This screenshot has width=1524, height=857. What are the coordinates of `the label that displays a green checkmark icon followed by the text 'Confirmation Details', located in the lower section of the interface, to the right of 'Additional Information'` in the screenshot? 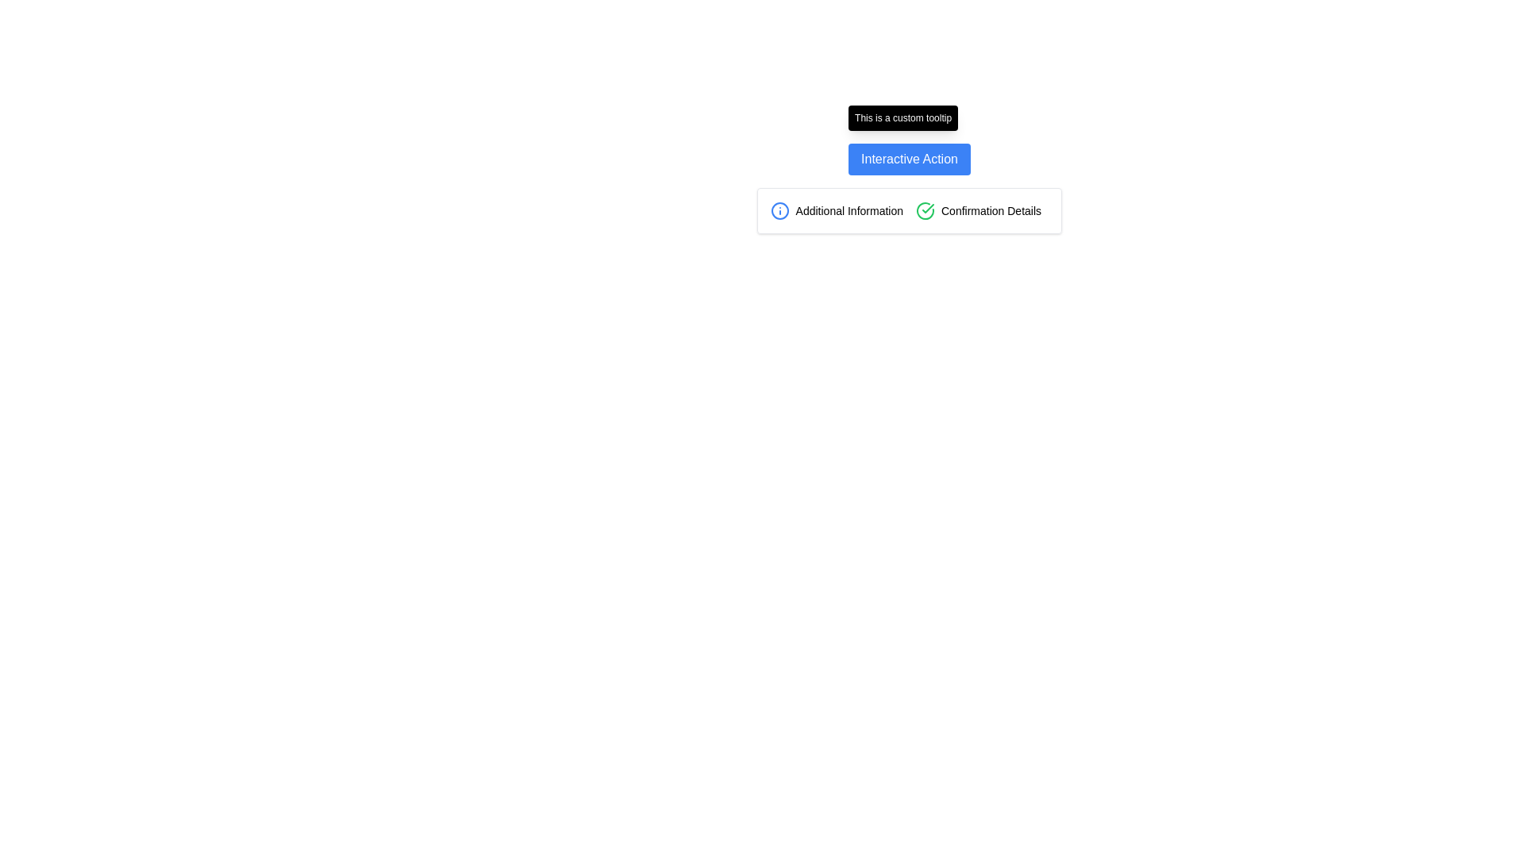 It's located at (981, 210).